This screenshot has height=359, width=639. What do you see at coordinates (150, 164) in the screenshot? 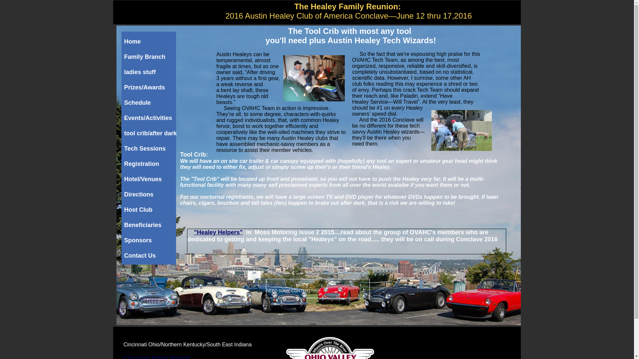
I see `'Registration'` at bounding box center [150, 164].